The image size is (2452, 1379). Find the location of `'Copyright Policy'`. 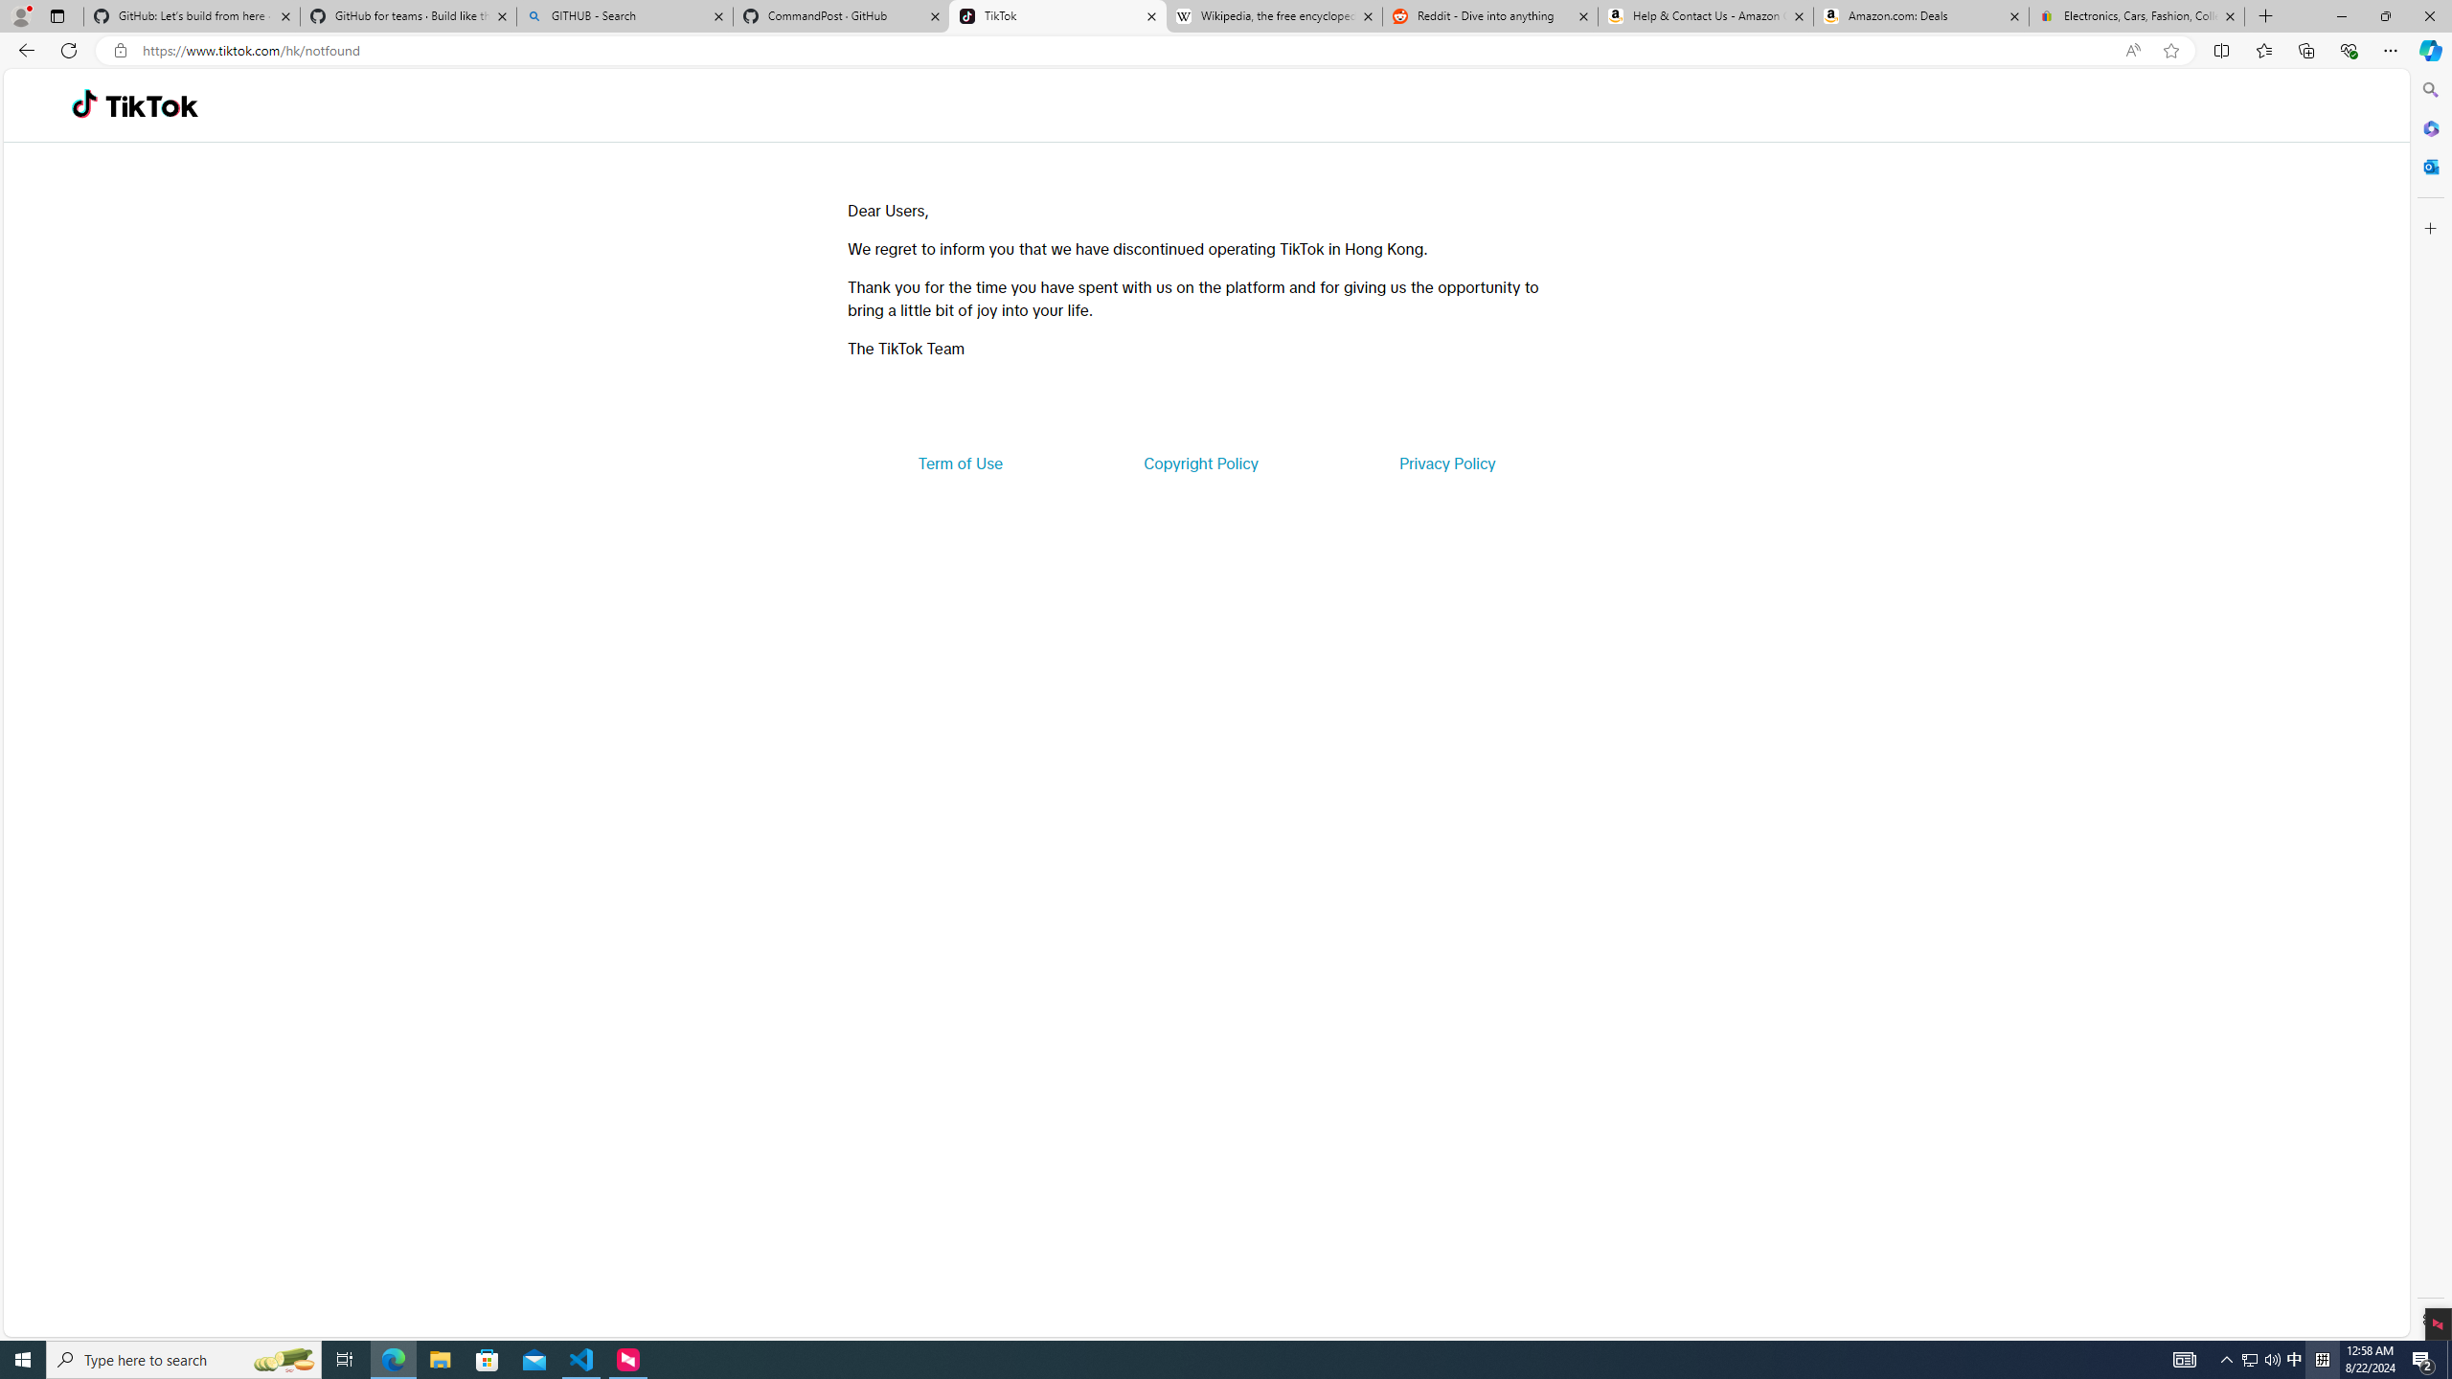

'Copyright Policy' is located at coordinates (1199, 462).